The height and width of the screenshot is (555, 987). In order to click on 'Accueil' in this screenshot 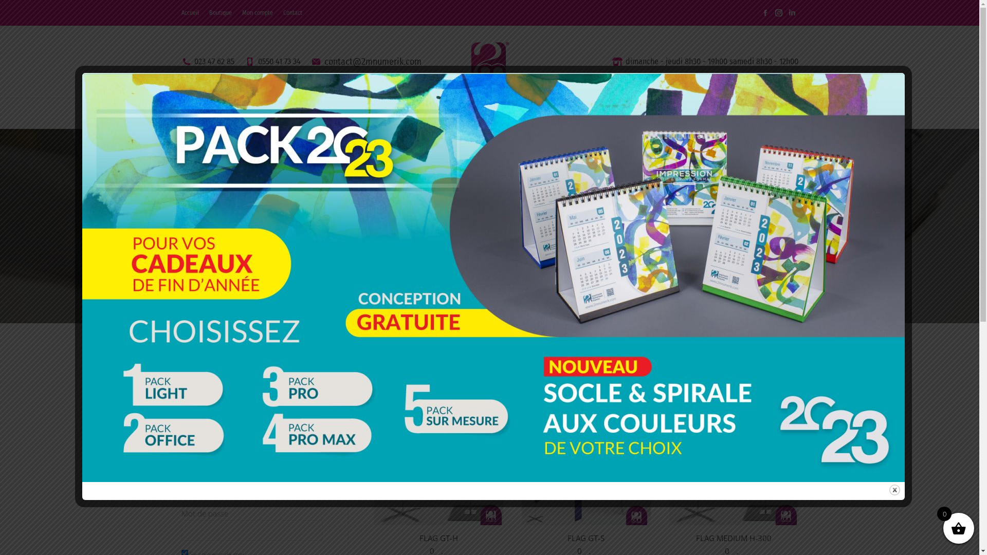, I will do `click(180, 12)`.